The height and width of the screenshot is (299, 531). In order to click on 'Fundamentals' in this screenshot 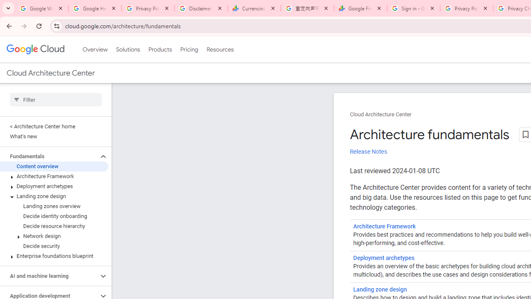, I will do `click(49, 156)`.